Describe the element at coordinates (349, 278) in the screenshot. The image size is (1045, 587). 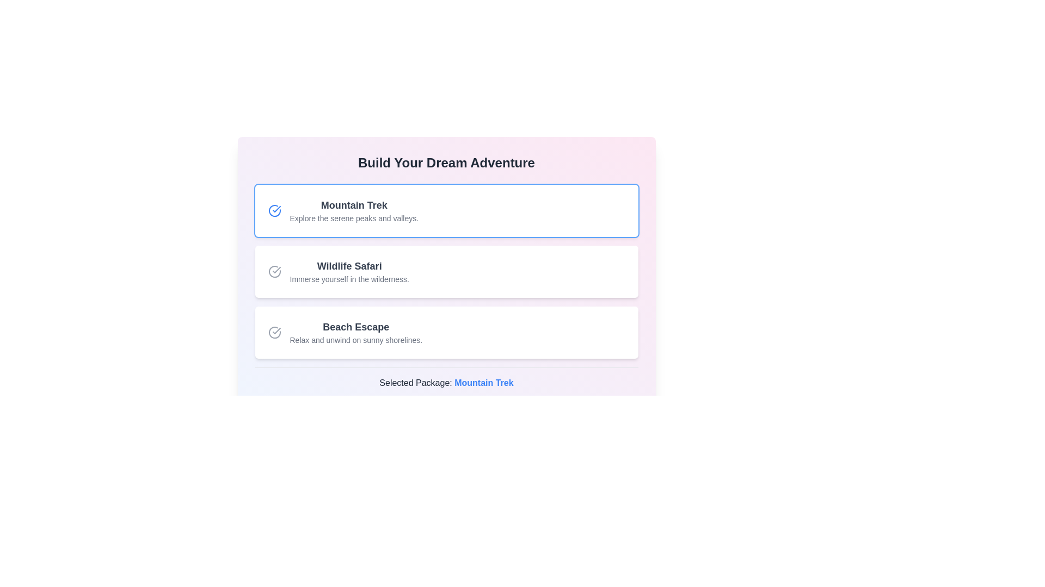
I see `the descriptive text element located beneath the 'Wildlife Safari' heading, which provides additional details about this option` at that location.